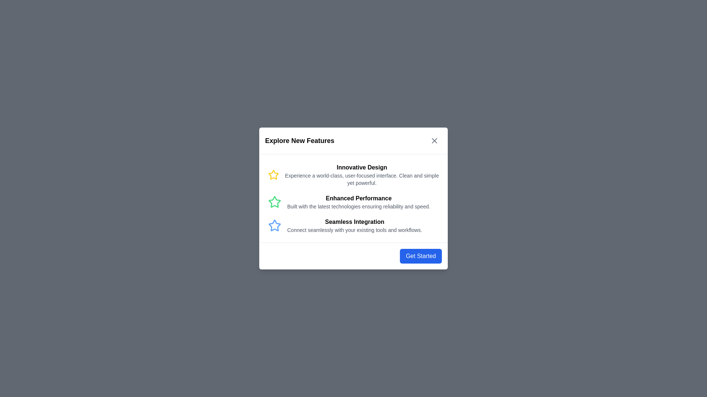 This screenshot has width=707, height=397. What do you see at coordinates (421, 256) in the screenshot?
I see `the prominent rectangular button with blue background and 'Get Started' text for accessibility interactions` at bounding box center [421, 256].